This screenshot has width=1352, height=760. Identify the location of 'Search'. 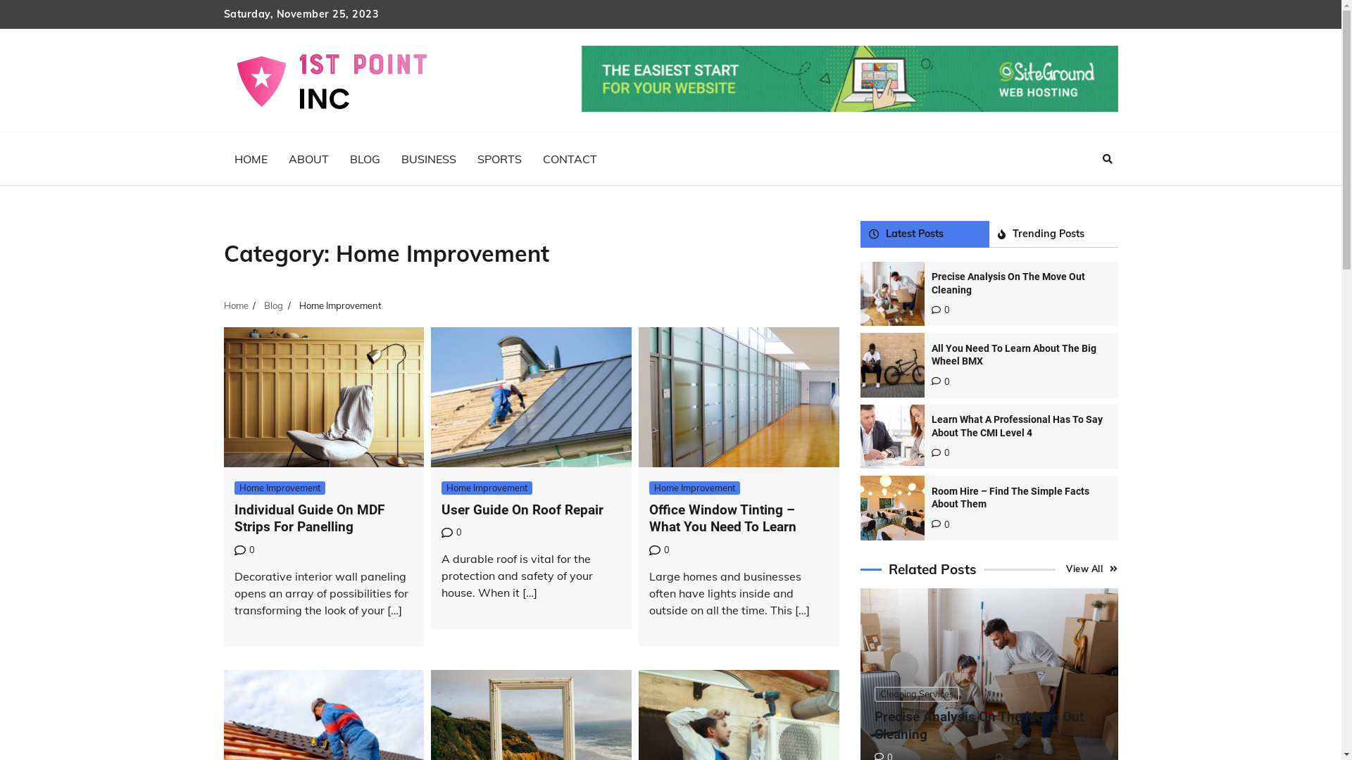
(1107, 158).